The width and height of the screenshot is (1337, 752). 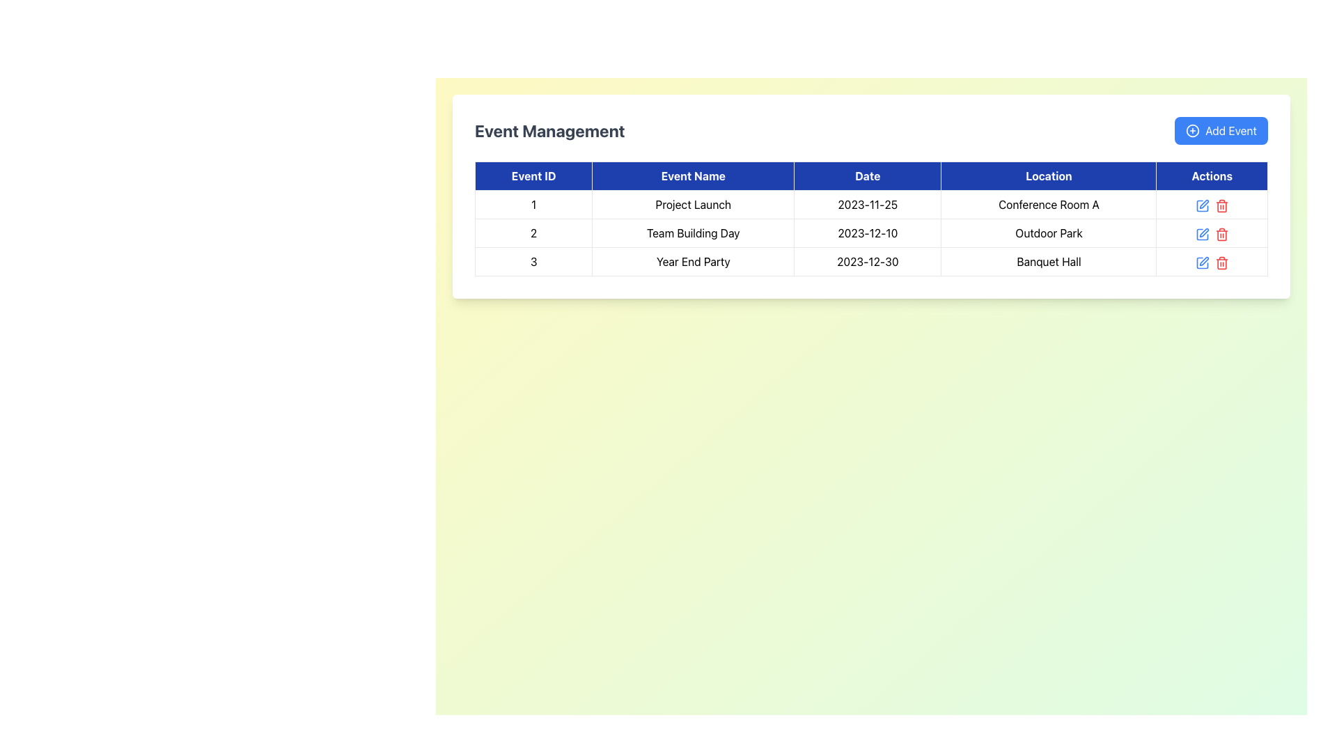 I want to click on the pen icon button located in the 'Actions' column of the second row labeled 'Team Building Day', so click(x=1201, y=233).